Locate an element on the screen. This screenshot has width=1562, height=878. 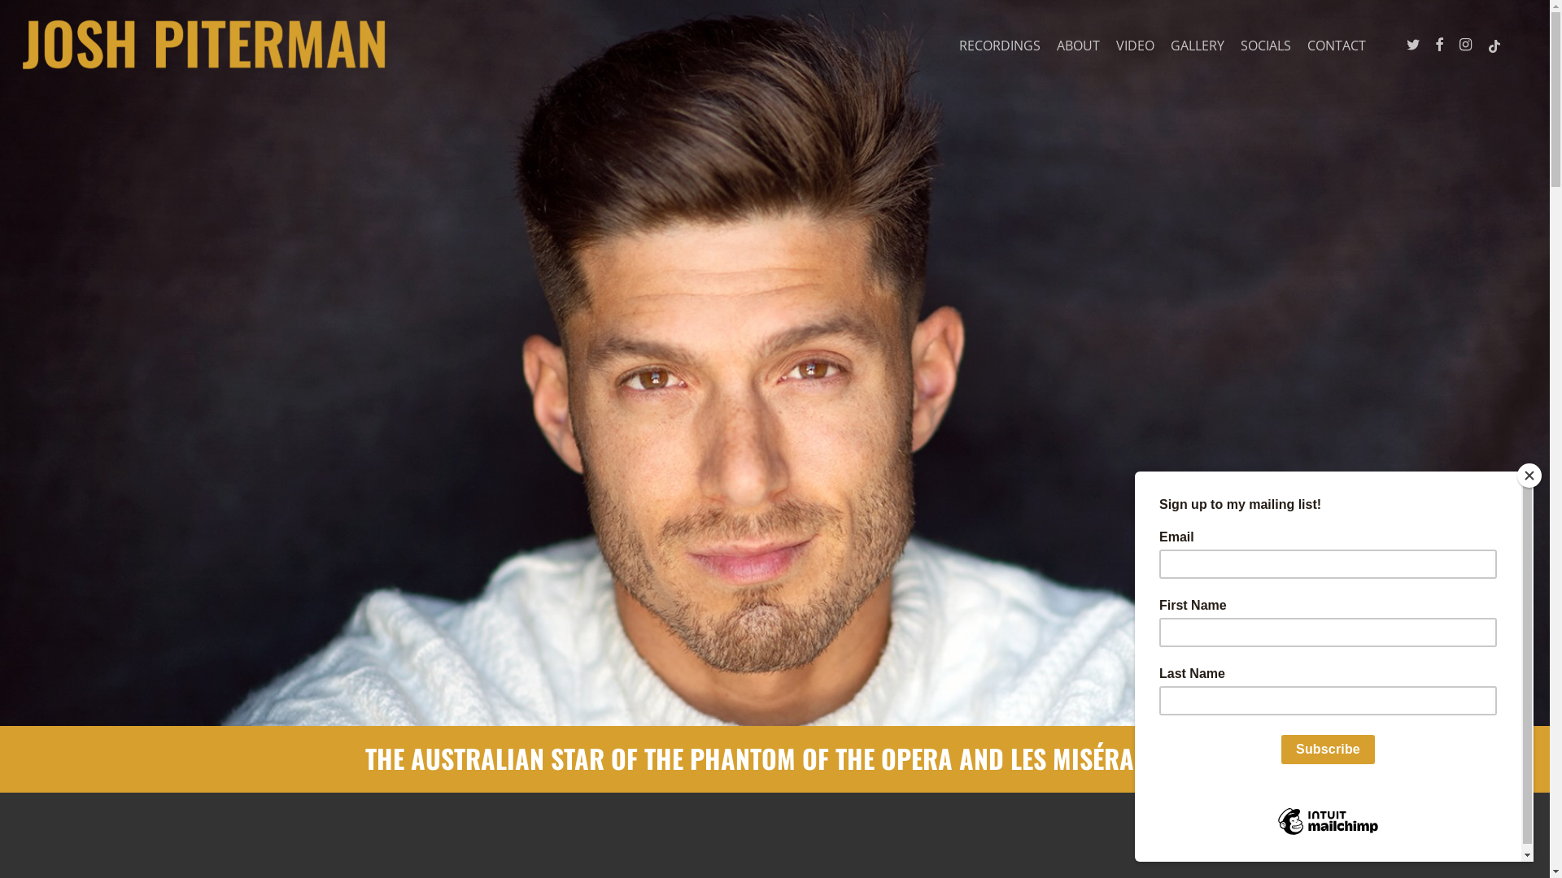
'VIDEO' is located at coordinates (1107, 45).